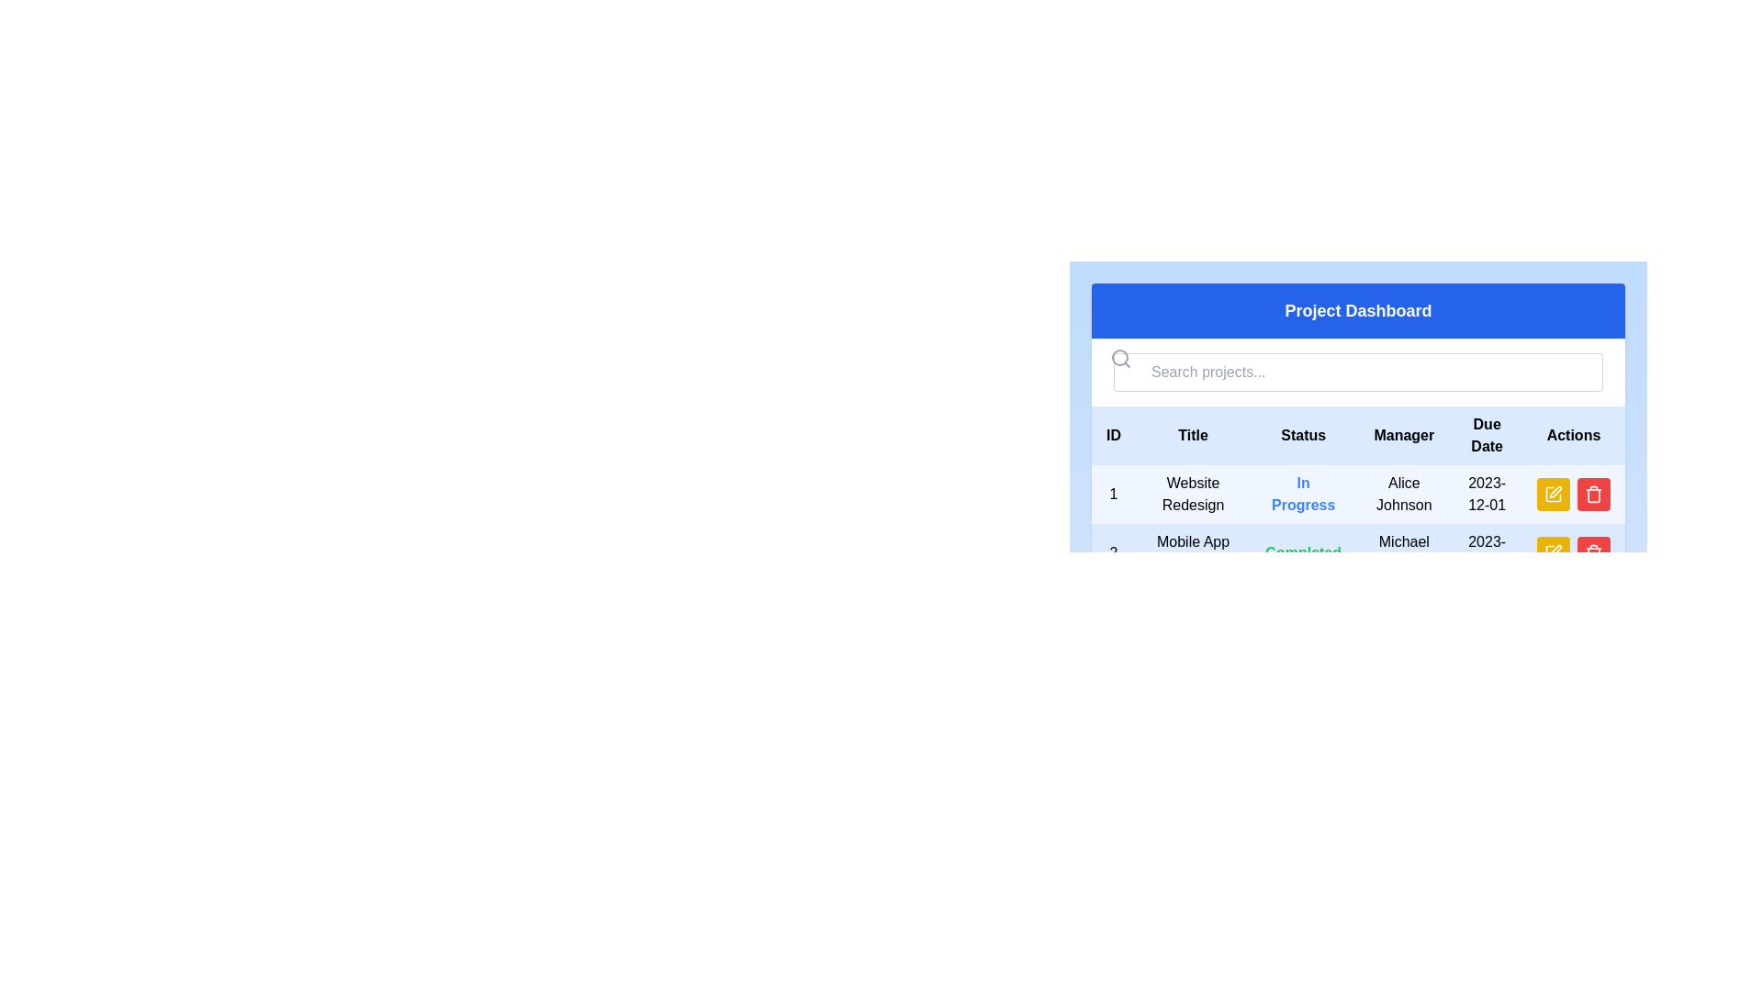  Describe the element at coordinates (1358, 523) in the screenshot. I see `the project data table located below the search bar with the placeholder 'Search projects...'` at that location.